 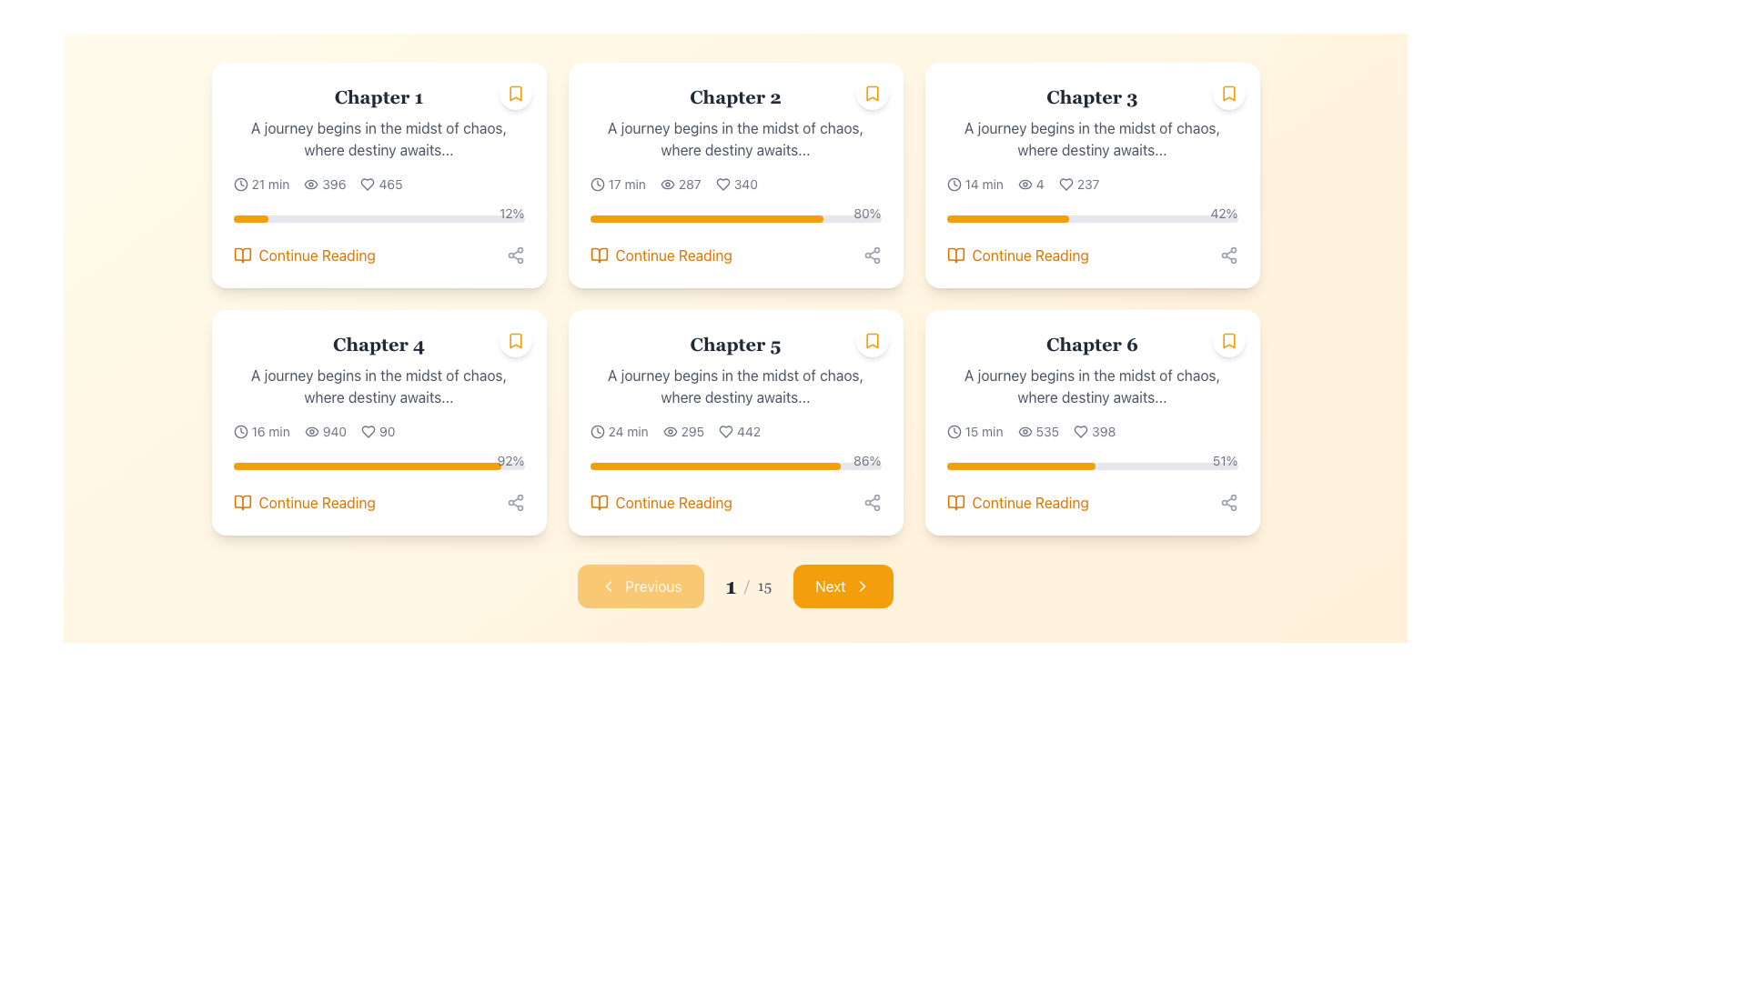 I want to click on the heart-shaped icon next to the numeric value '465' in the 'Chapter 1' panel to like or toggle its state, so click(x=367, y=185).